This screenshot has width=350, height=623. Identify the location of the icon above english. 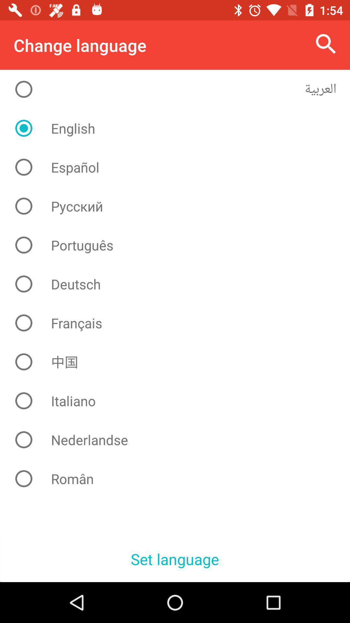
(180, 89).